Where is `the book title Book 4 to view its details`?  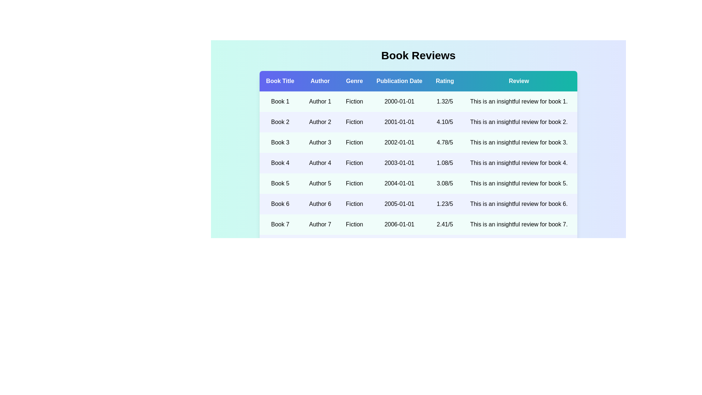
the book title Book 4 to view its details is located at coordinates (280, 163).